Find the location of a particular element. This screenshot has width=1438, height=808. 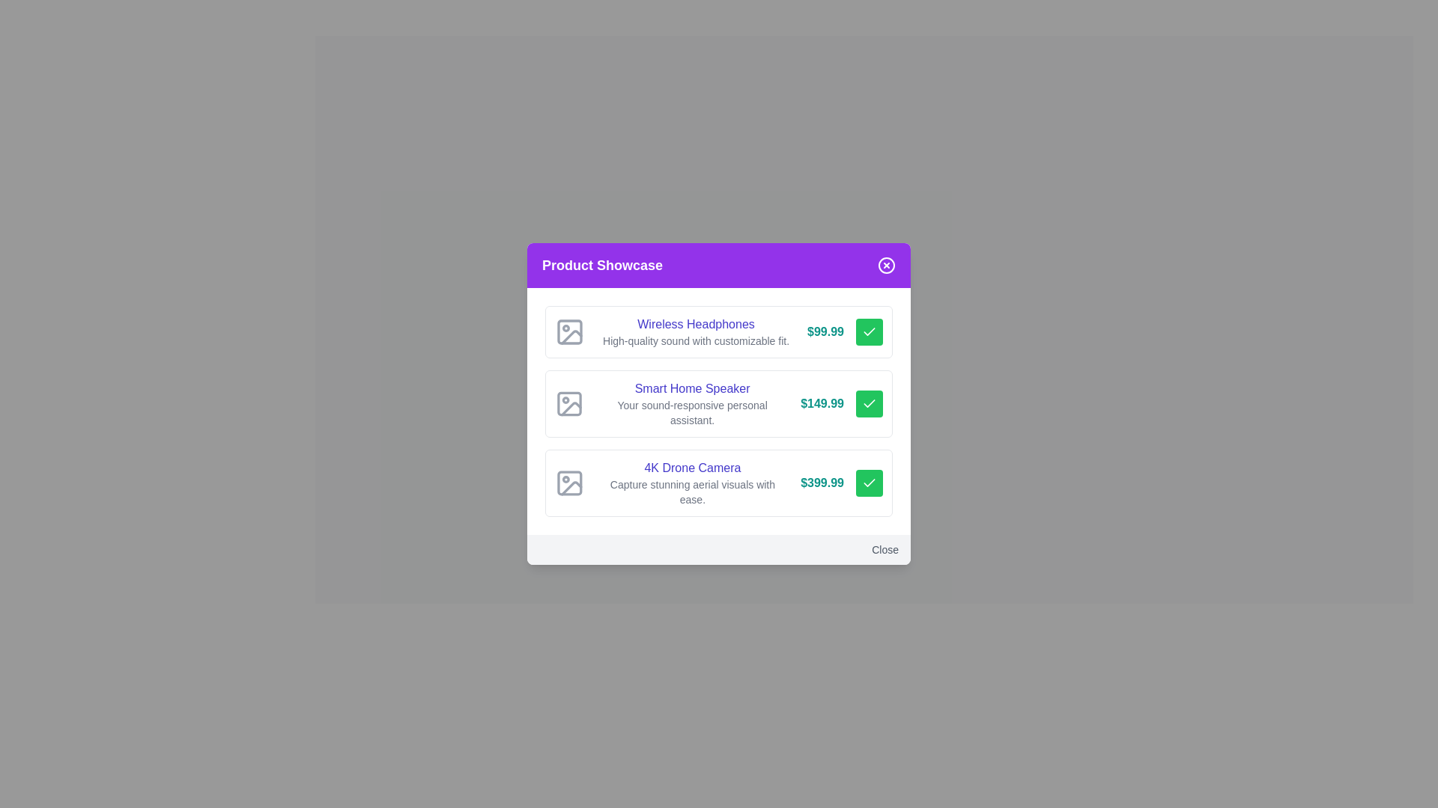

the Text Label displaying the price of the Smart Home Speaker located to the right of its descriptive information is located at coordinates (822, 404).